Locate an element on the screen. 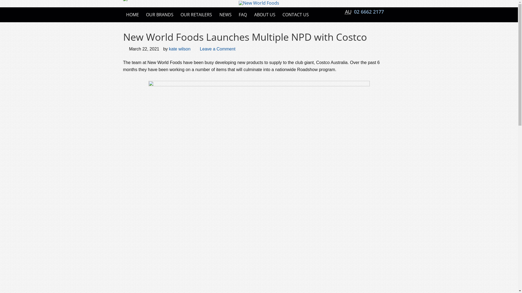 This screenshot has width=522, height=293. 'FAQ' is located at coordinates (242, 14).